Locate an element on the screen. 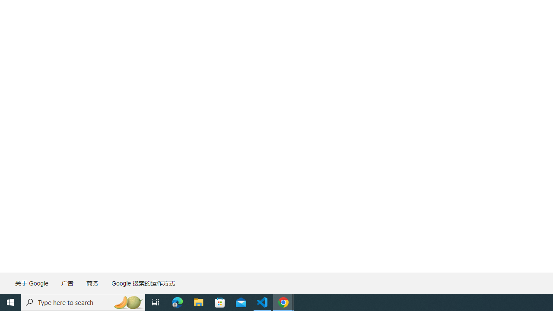 This screenshot has height=311, width=553. 'Microsoft Edge' is located at coordinates (177, 301).